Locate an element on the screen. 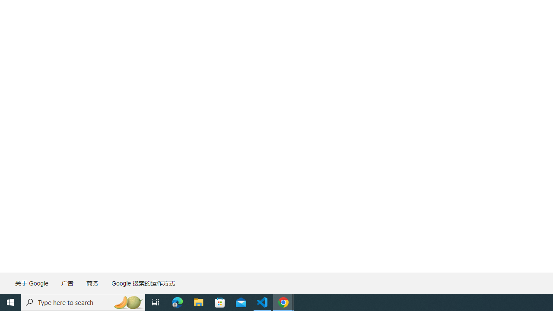 This screenshot has height=311, width=553. 'Microsoft Edge' is located at coordinates (177, 301).